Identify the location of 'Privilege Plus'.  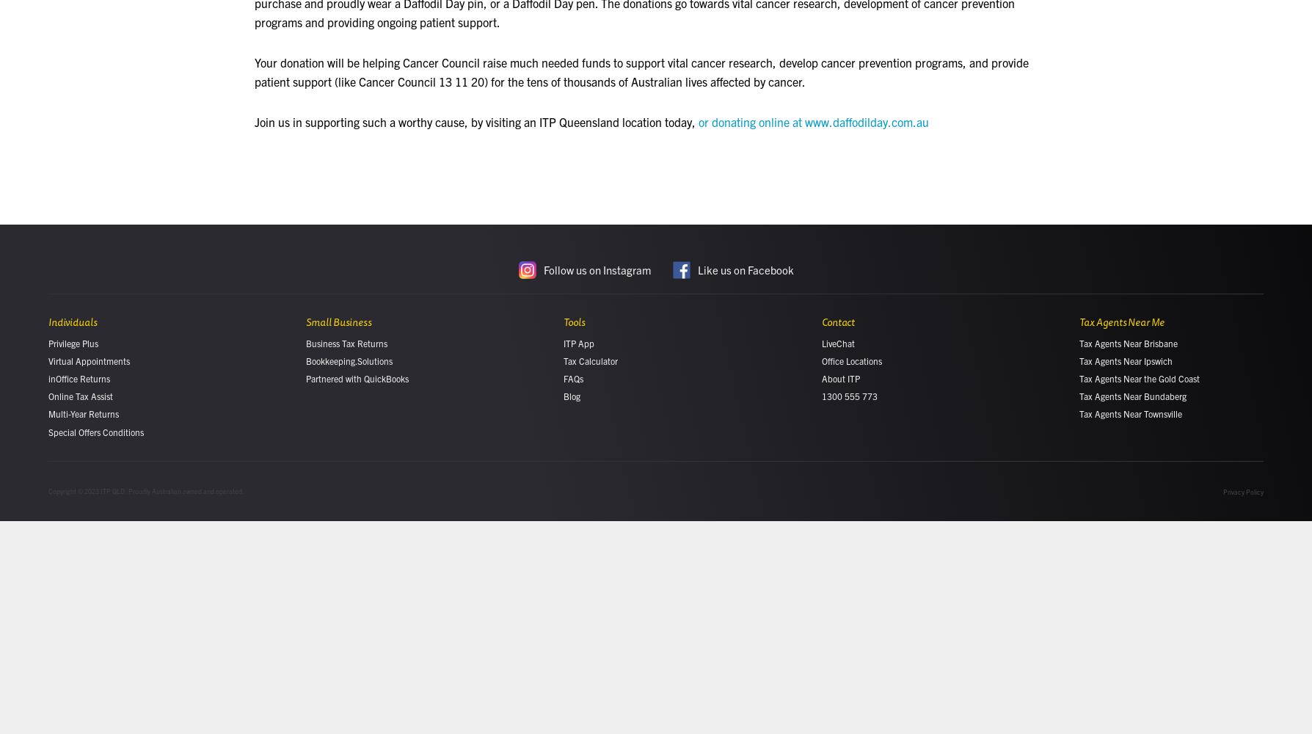
(73, 341).